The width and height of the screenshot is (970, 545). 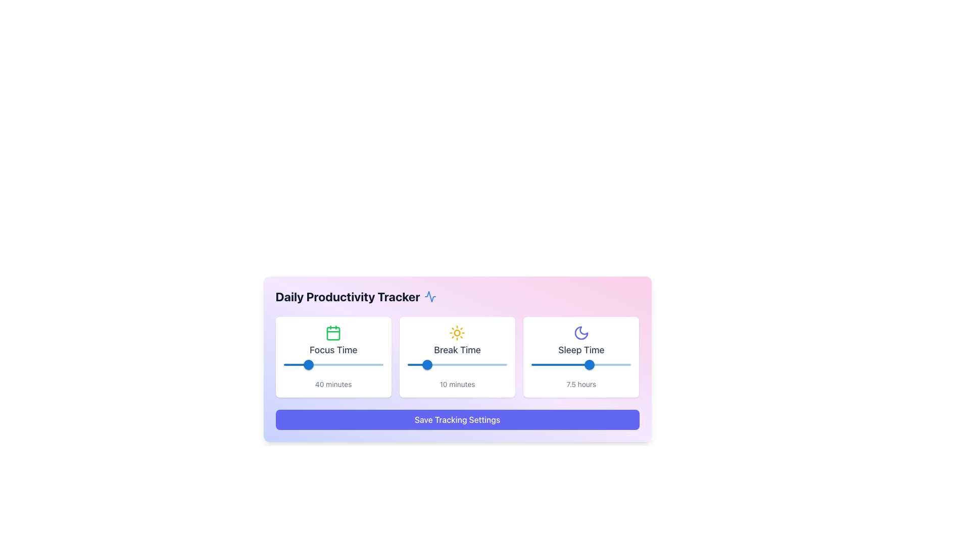 What do you see at coordinates (431, 364) in the screenshot?
I see `break time` at bounding box center [431, 364].